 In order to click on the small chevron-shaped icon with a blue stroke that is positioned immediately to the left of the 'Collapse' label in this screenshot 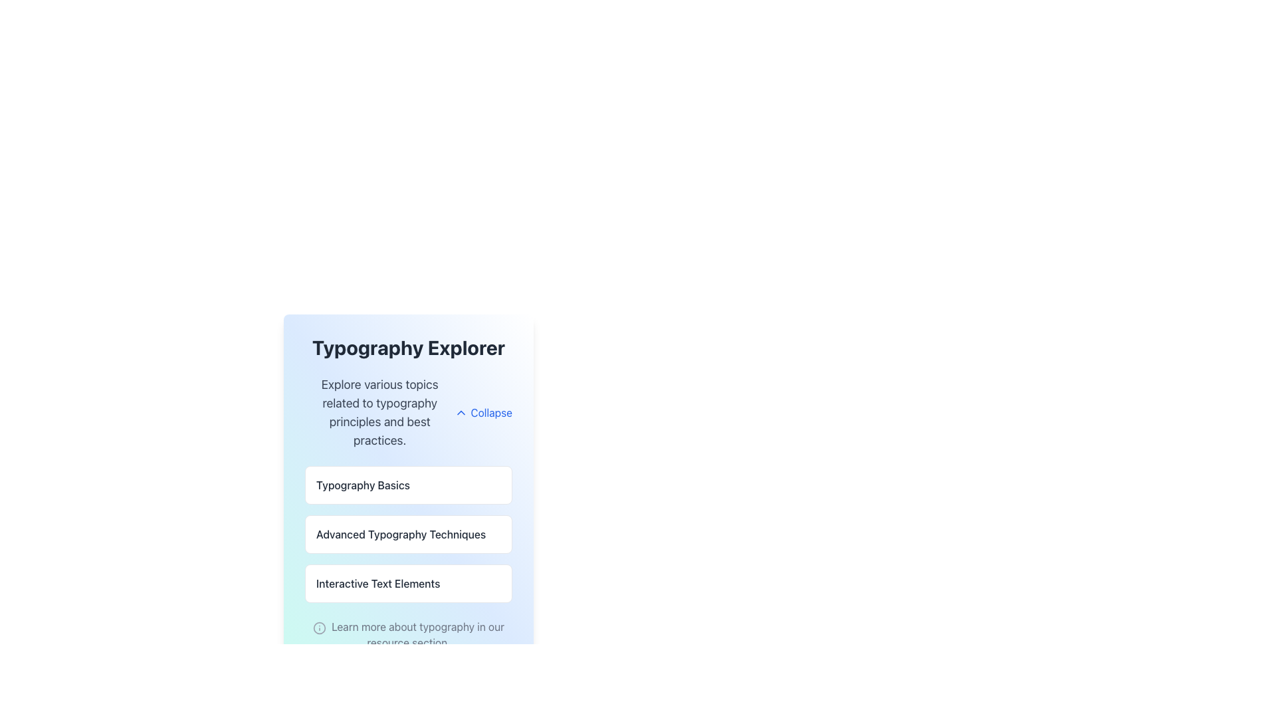, I will do `click(461, 412)`.